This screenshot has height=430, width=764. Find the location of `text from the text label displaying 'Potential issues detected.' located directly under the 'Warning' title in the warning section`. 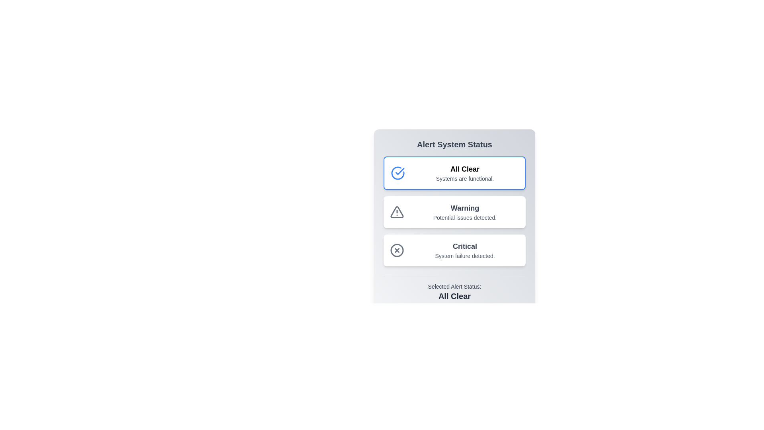

text from the text label displaying 'Potential issues detected.' located directly under the 'Warning' title in the warning section is located at coordinates (465, 218).